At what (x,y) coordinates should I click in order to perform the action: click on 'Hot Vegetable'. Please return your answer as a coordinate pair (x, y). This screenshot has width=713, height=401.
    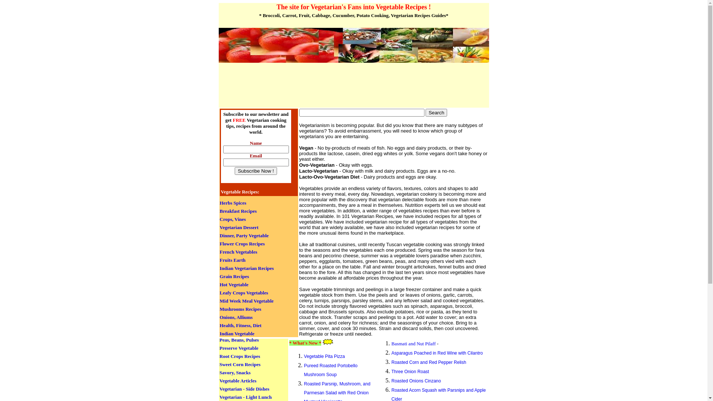
    Looking at the image, I should click on (234, 284).